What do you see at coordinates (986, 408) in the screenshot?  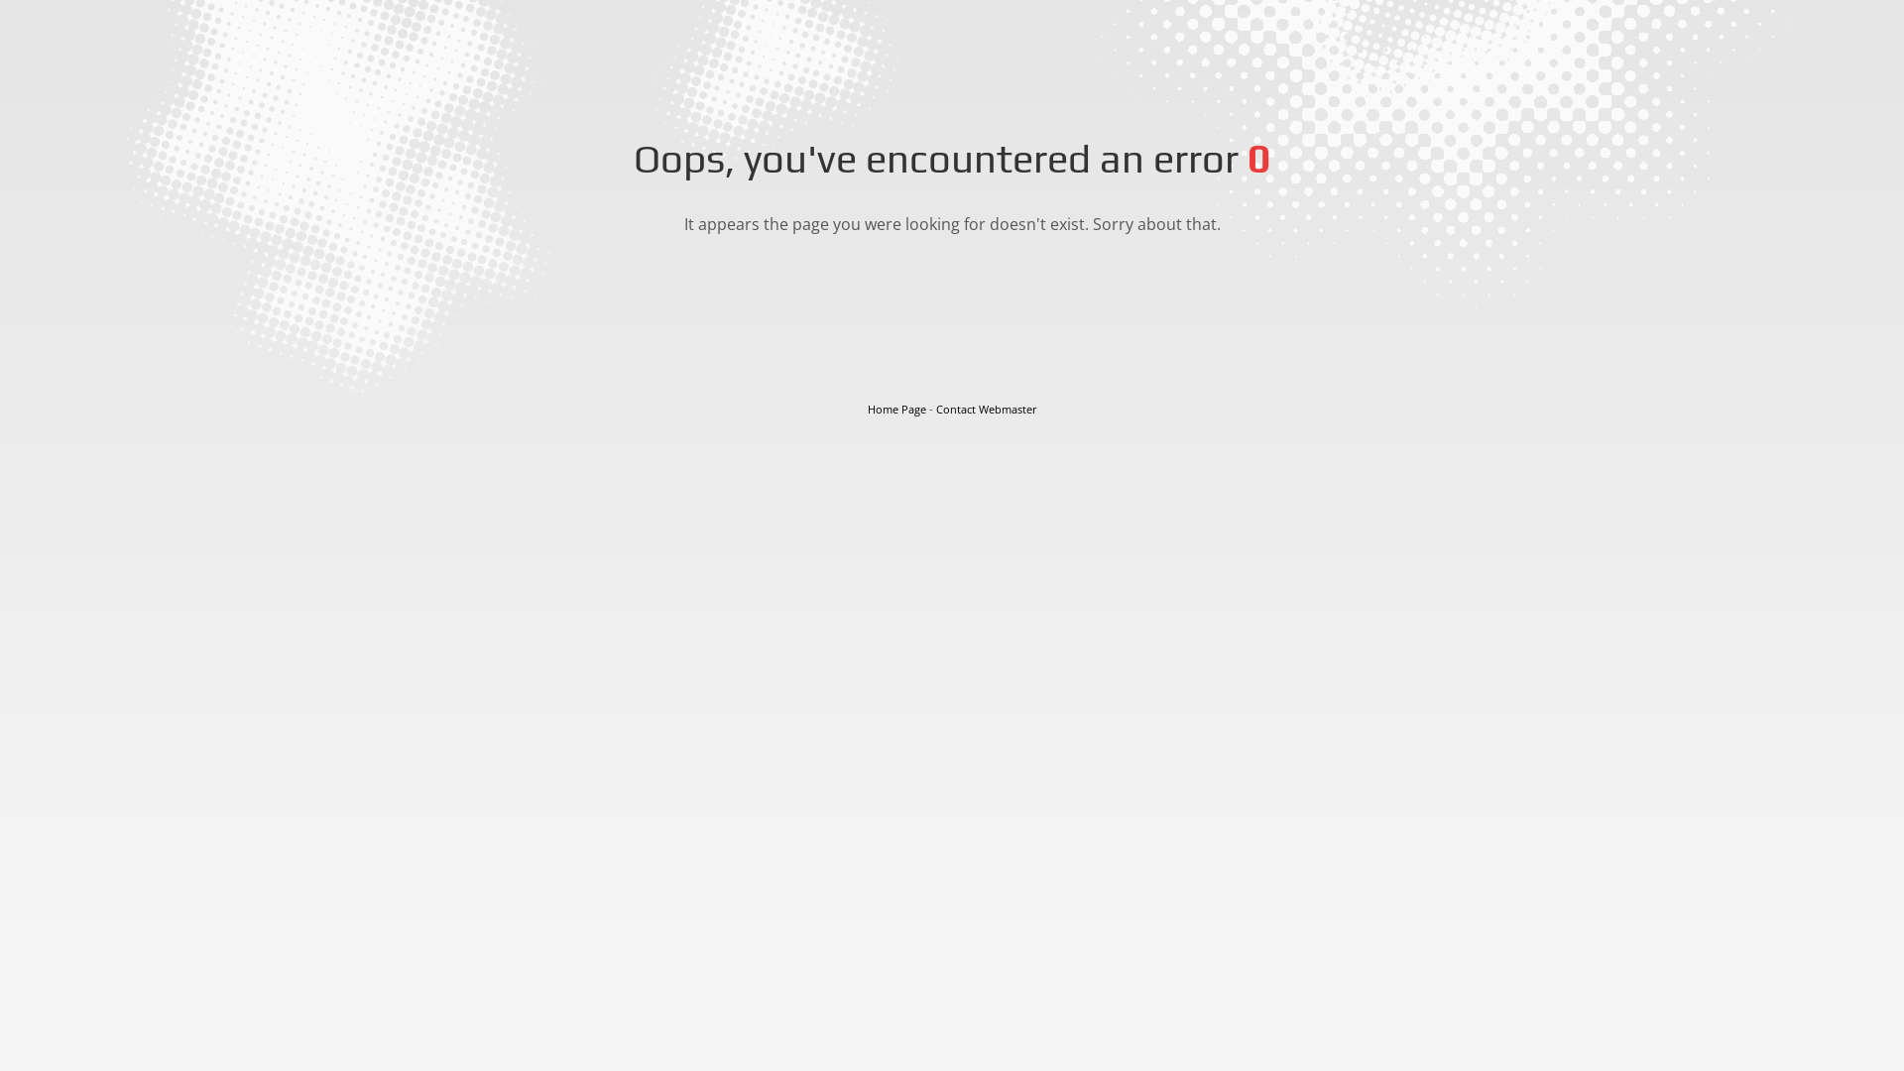 I see `'Contact Webmaster'` at bounding box center [986, 408].